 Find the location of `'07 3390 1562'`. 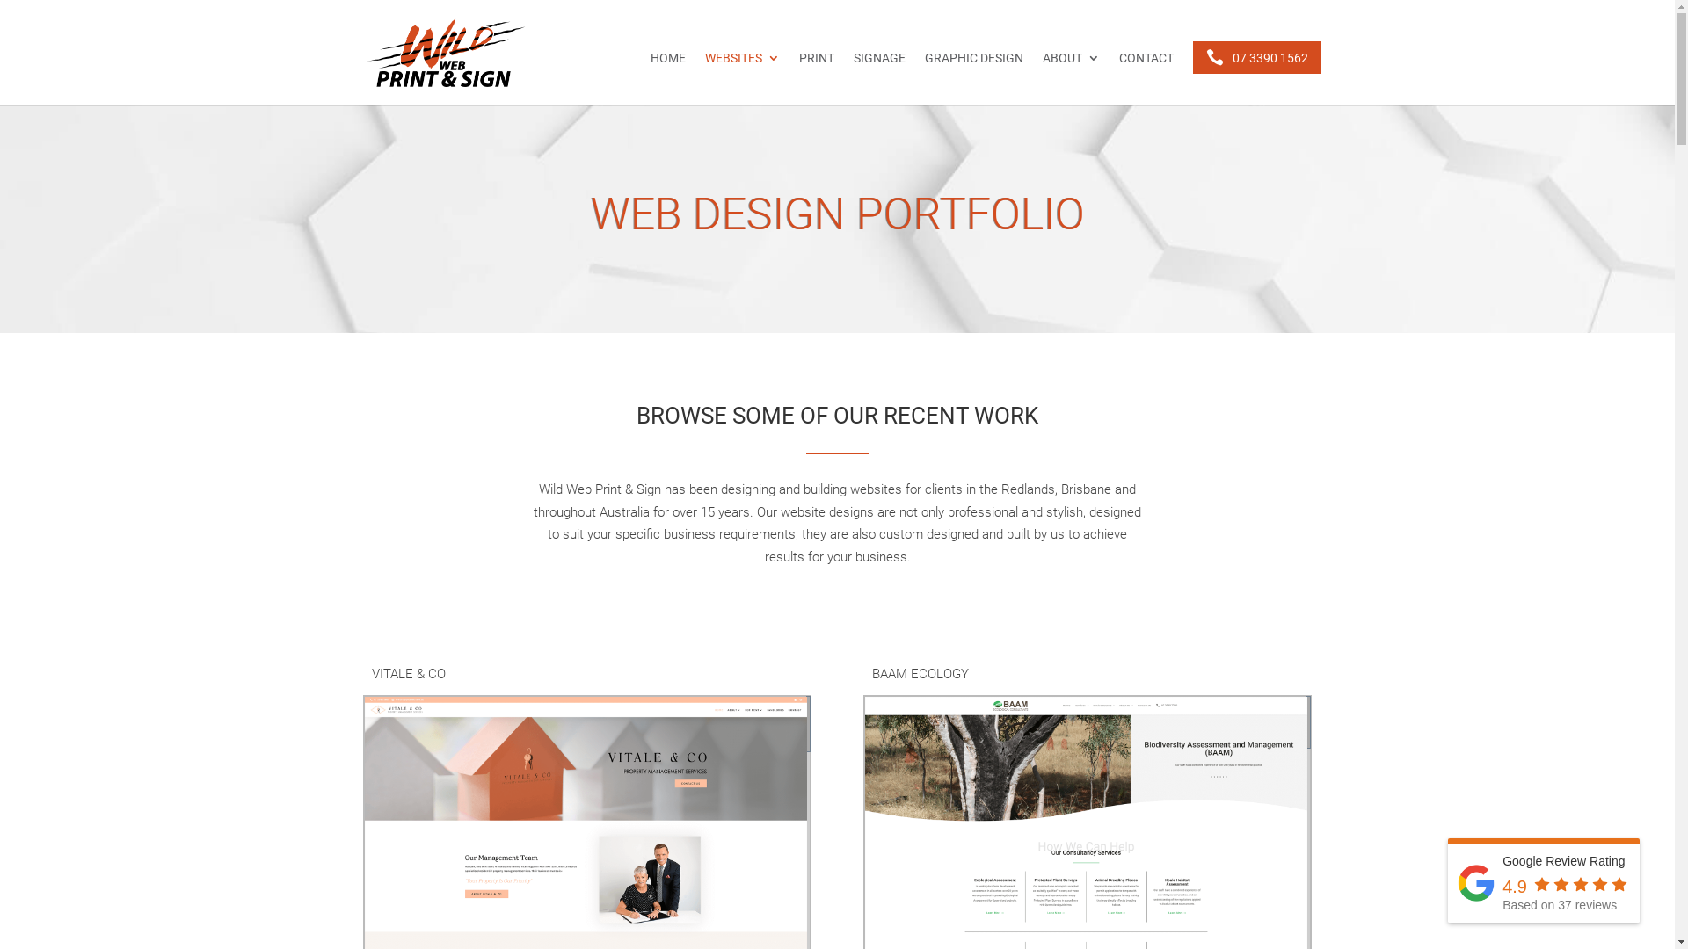

'07 3390 1562' is located at coordinates (1255, 56).